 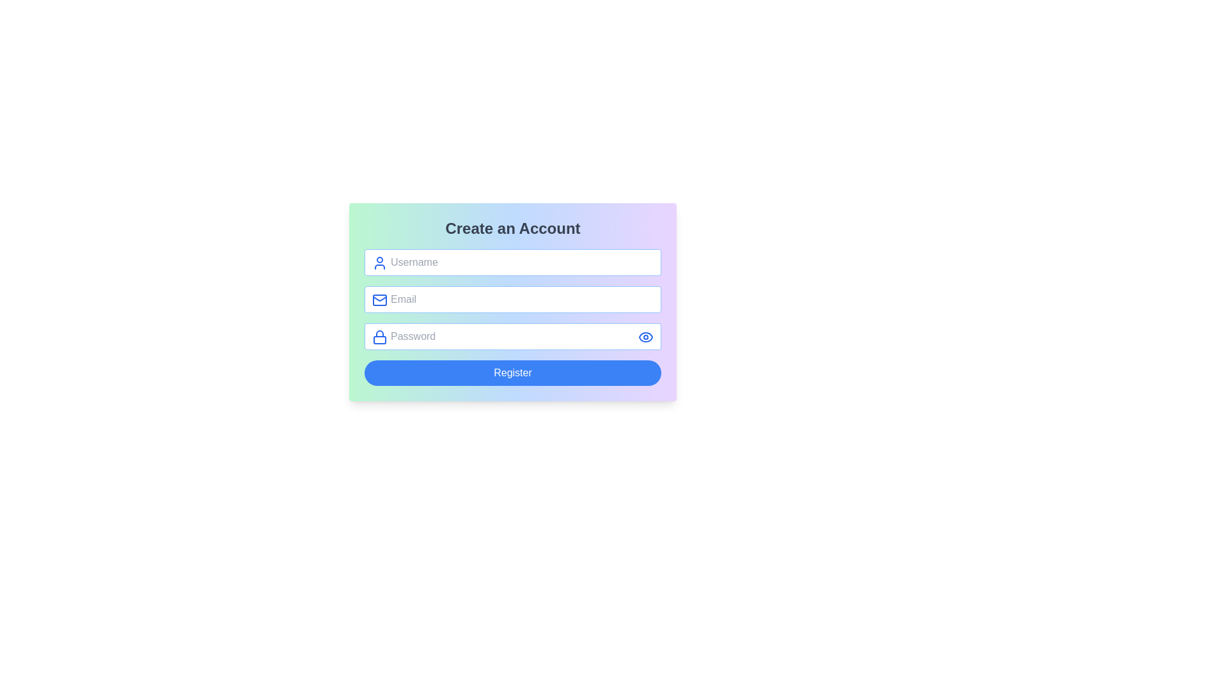 I want to click on the blue 'Register' button with rounded corners located at the bottom center of the form component to trigger the hover style change, so click(x=512, y=372).